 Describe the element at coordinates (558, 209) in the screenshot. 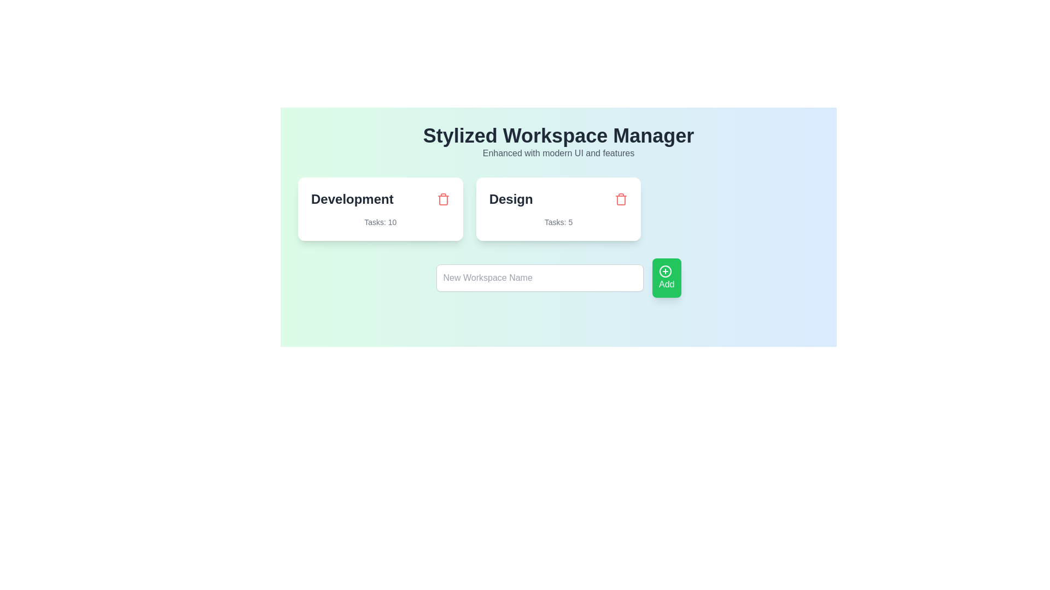

I see `the Card Component element with the bold 'Design' label at the top and an interactive trash icon on the right by moving the cursor to its center` at that location.